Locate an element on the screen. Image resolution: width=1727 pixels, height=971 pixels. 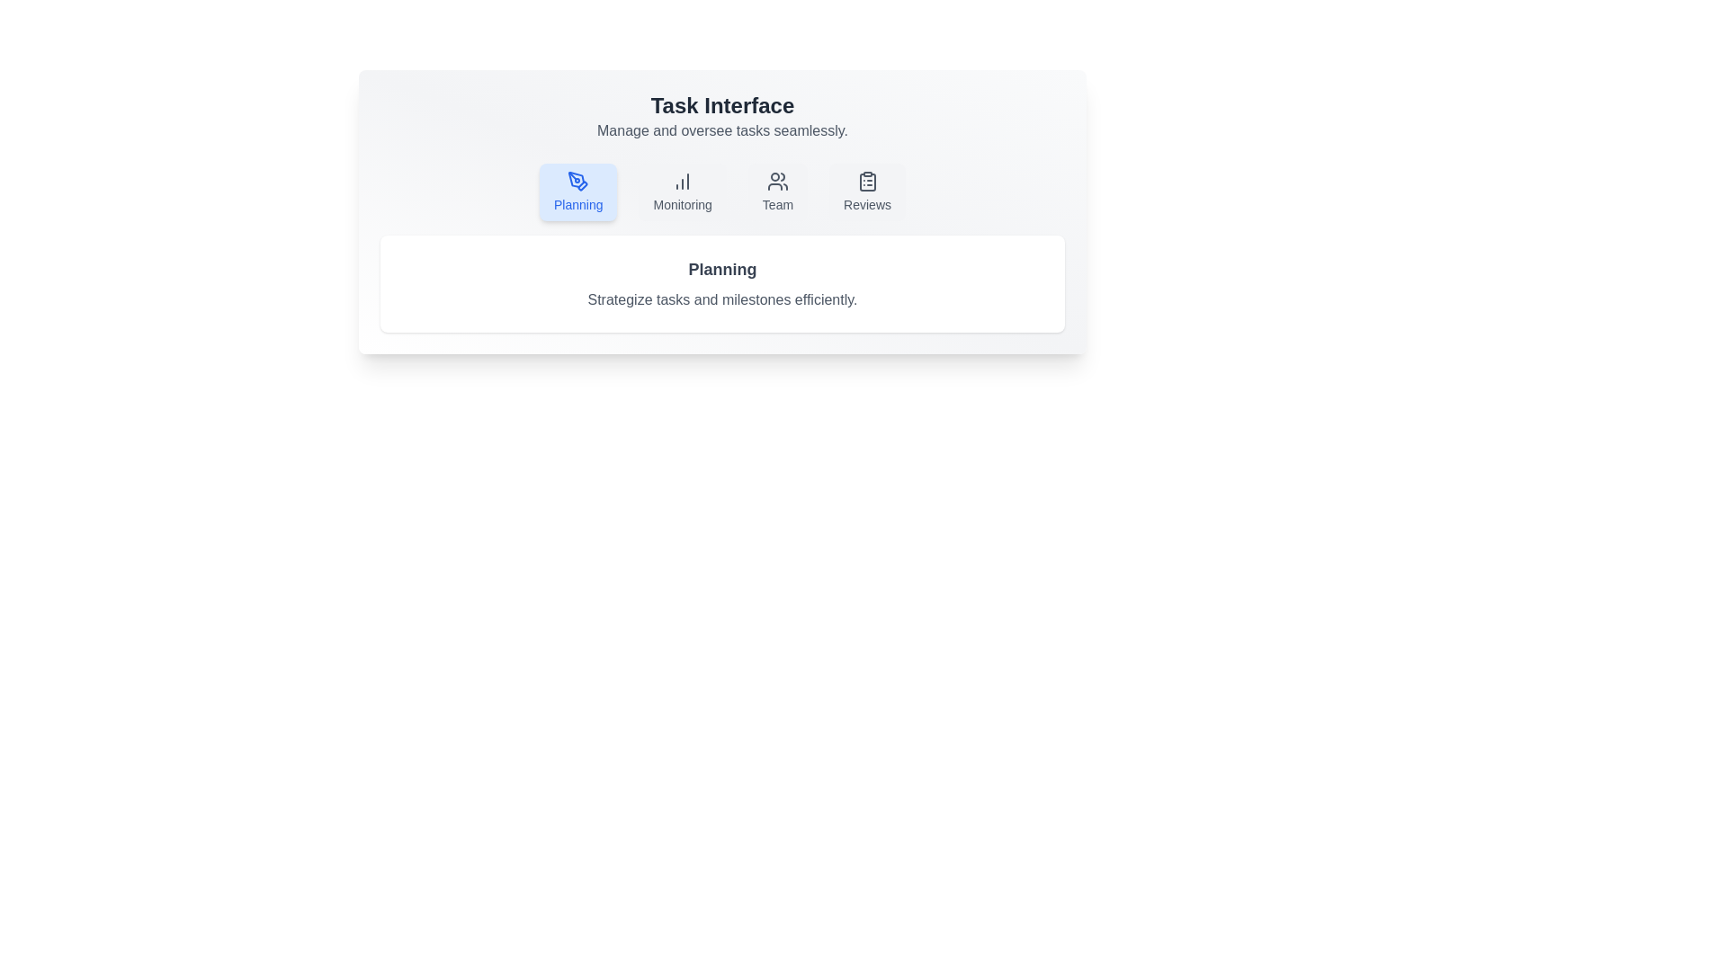
the tab labeled Team to see the UI feedback is located at coordinates (777, 192).